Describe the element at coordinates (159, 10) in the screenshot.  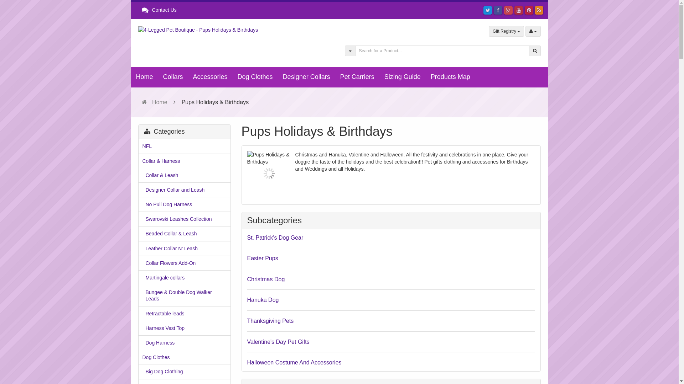
I see `'Contact Us'` at that location.